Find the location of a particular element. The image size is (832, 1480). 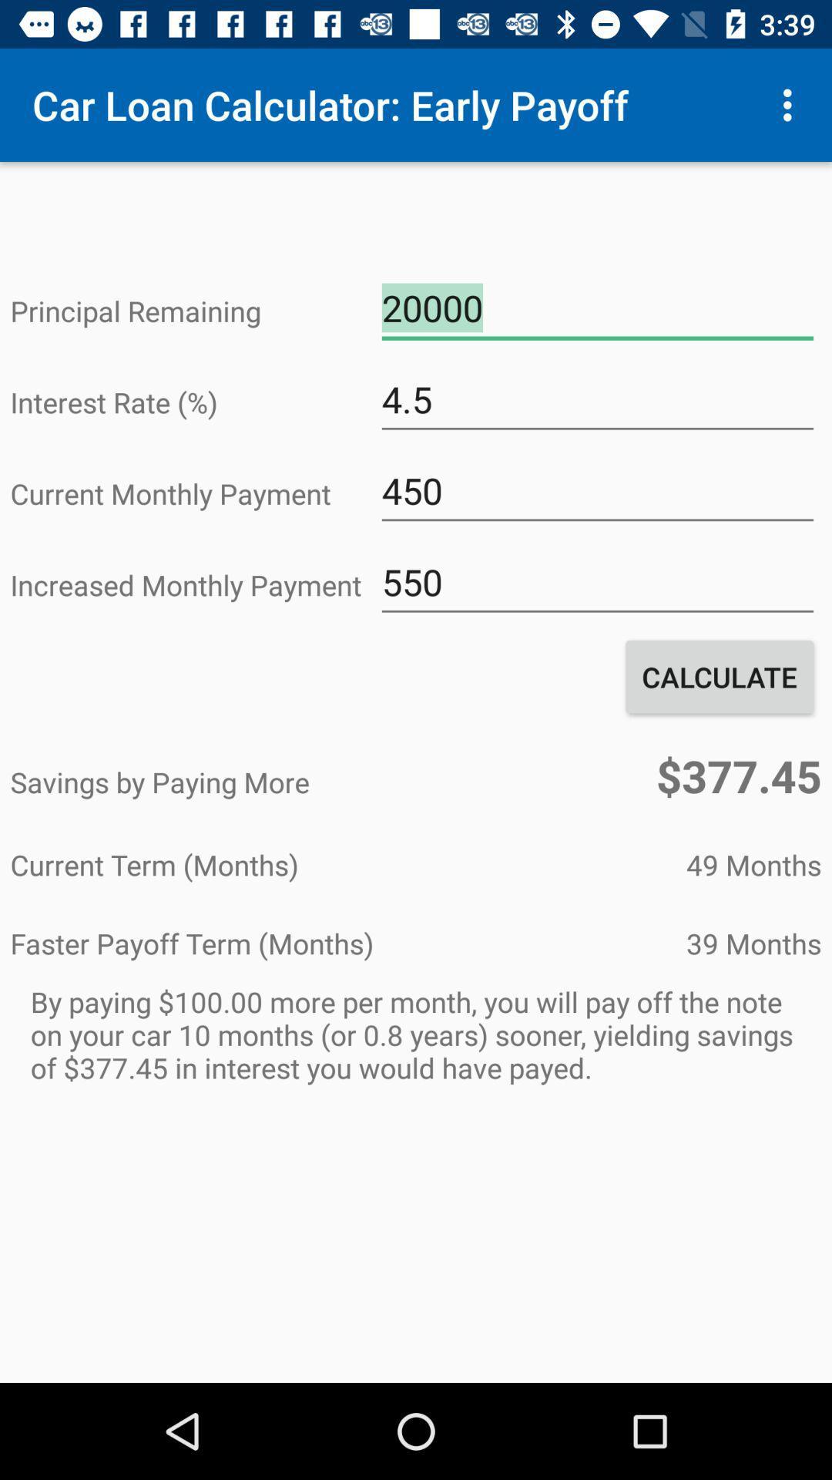

item next to car loan calculator item is located at coordinates (791, 104).